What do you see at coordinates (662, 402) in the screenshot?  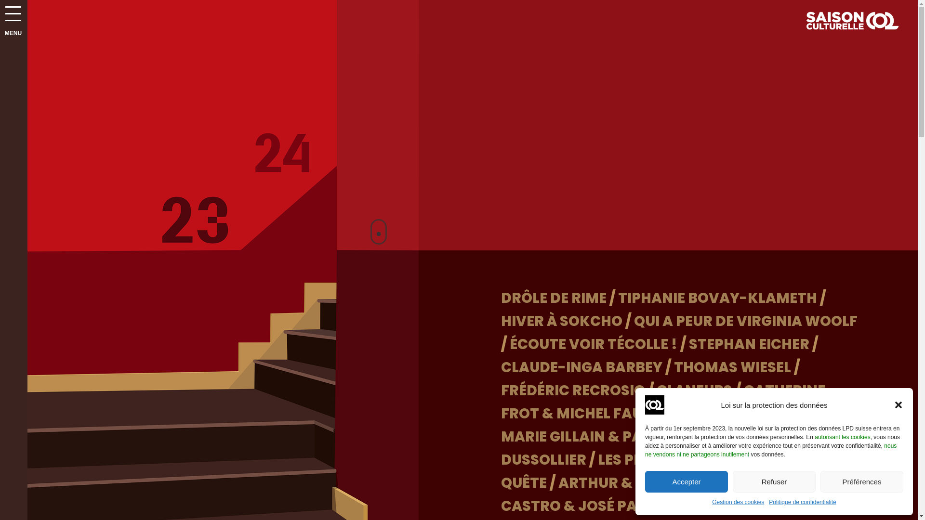 I see `'CATHERINE FROT & MICHEL FAU'` at bounding box center [662, 402].